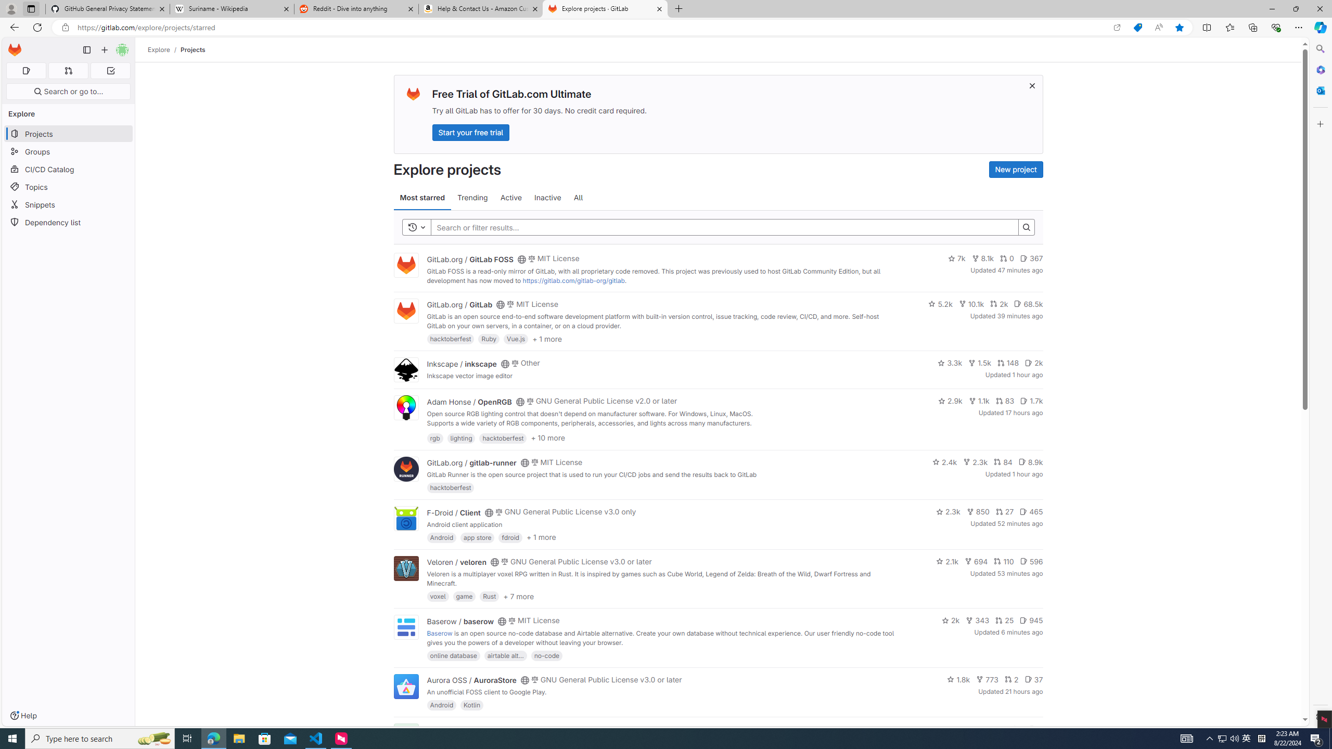 This screenshot has width=1332, height=749. What do you see at coordinates (1016, 169) in the screenshot?
I see `'New project'` at bounding box center [1016, 169].